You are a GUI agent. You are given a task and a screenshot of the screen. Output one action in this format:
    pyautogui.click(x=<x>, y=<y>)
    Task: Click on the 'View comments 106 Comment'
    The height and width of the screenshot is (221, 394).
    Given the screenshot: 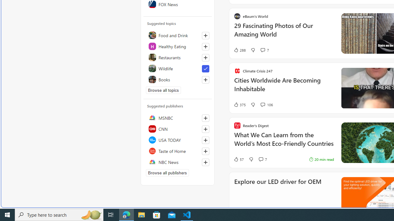 What is the action you would take?
    pyautogui.click(x=263, y=104)
    